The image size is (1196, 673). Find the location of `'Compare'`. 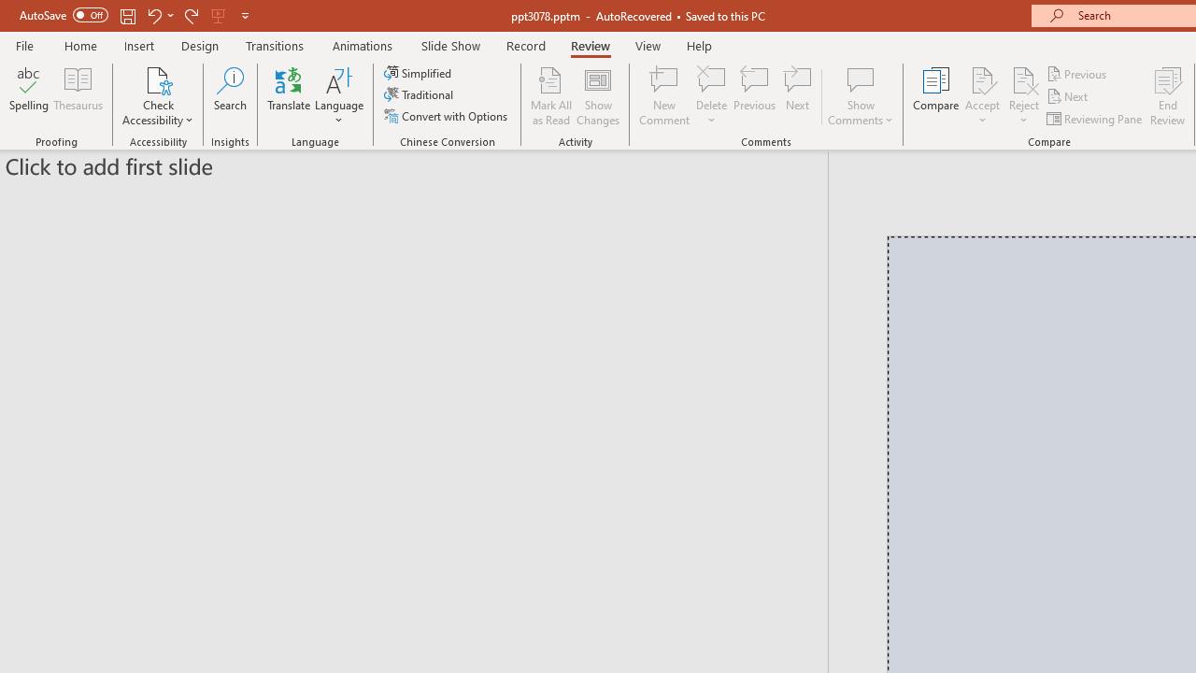

'Compare' is located at coordinates (936, 96).